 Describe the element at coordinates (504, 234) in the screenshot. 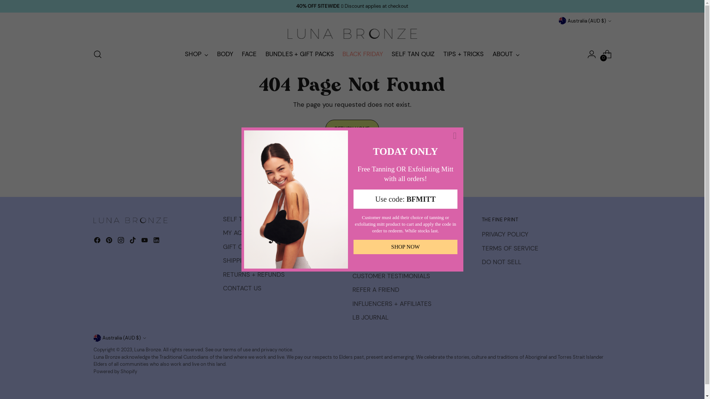

I see `'PRIVACY POLICY'` at that location.